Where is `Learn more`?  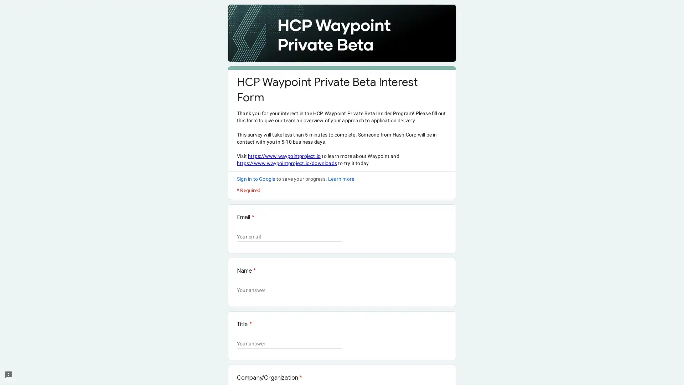 Learn more is located at coordinates (341, 178).